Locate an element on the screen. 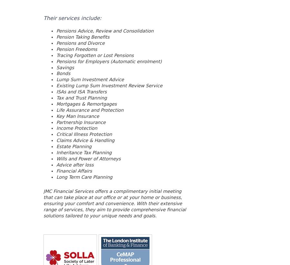 The height and width of the screenshot is (265, 290). 'Pensions for Employers (Automatic enrolment)' is located at coordinates (109, 61).